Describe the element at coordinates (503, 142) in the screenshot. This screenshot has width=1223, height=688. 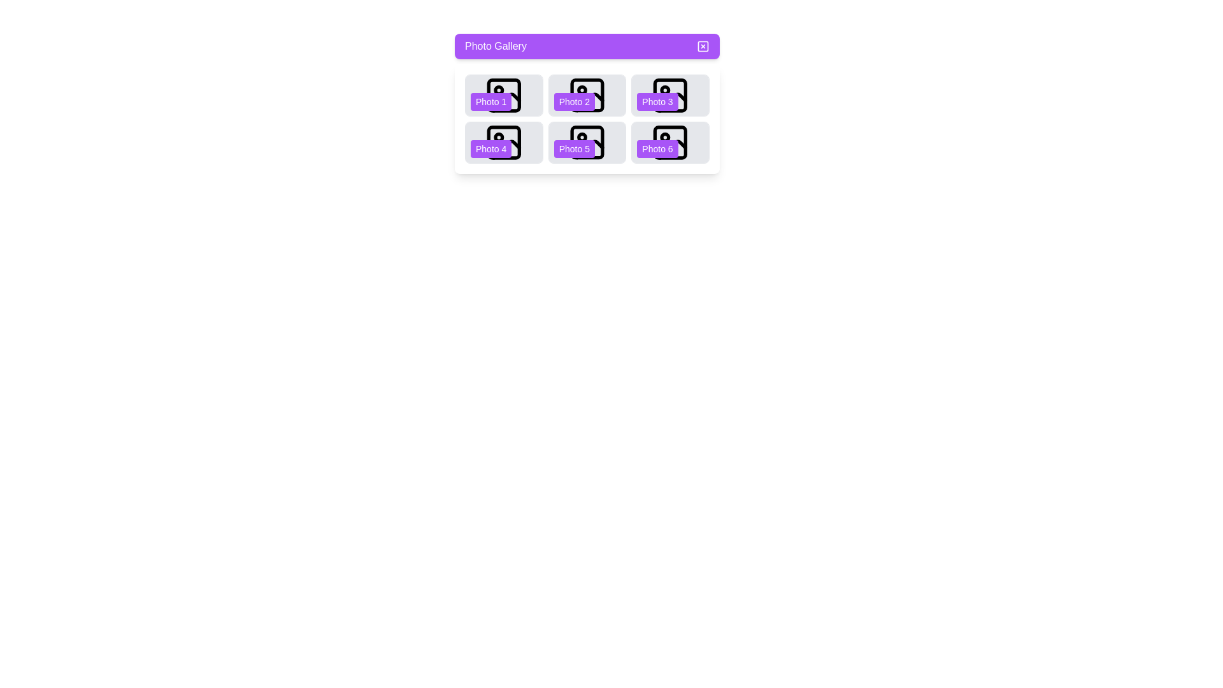
I see `the photo labeled with the number 4` at that location.